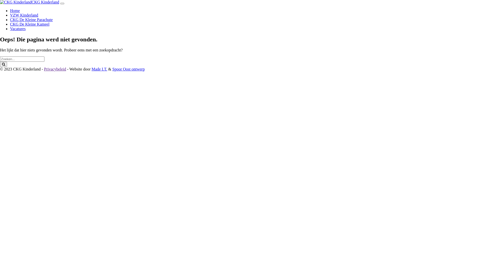 This screenshot has height=271, width=482. Describe the element at coordinates (4, 64) in the screenshot. I see `'Zoeken'` at that location.